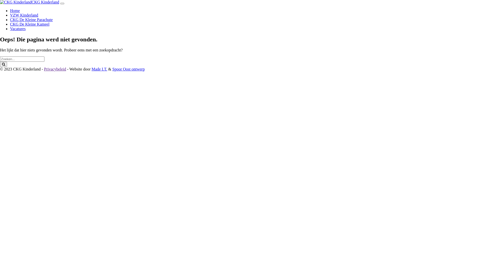 This screenshot has height=271, width=482. Describe the element at coordinates (4, 64) in the screenshot. I see `'Zoeken'` at that location.